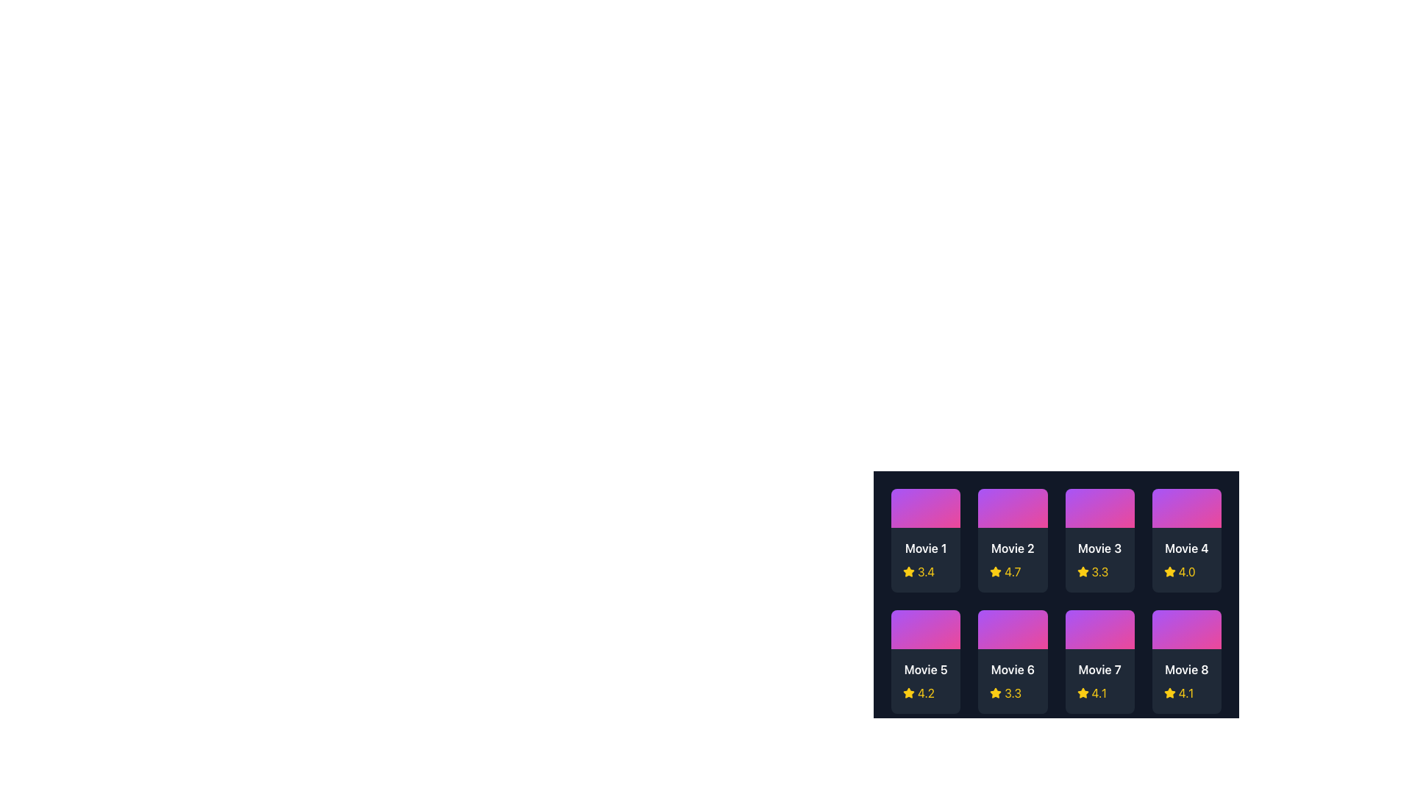 The width and height of the screenshot is (1412, 794). I want to click on the graphical thumbnail representing 'Movie 3', located in the third column of the first row in the grid layout of movie cards, so click(1099, 507).